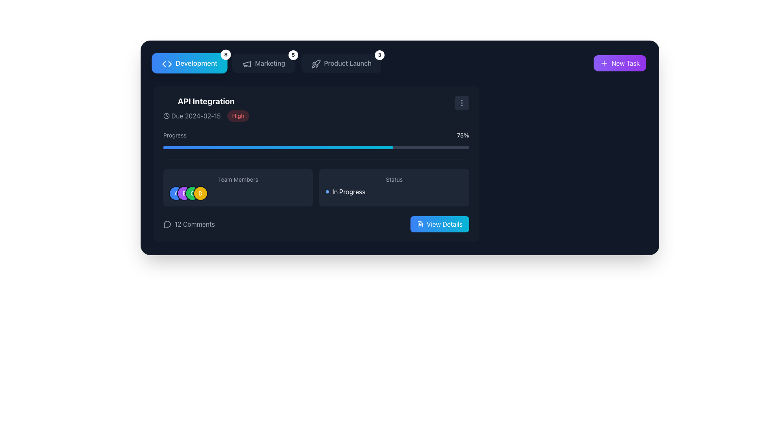  I want to click on the 'Marketing' button, which has a megaphone icon on the left and a count of '5' in the upper-right corner, so click(263, 62).